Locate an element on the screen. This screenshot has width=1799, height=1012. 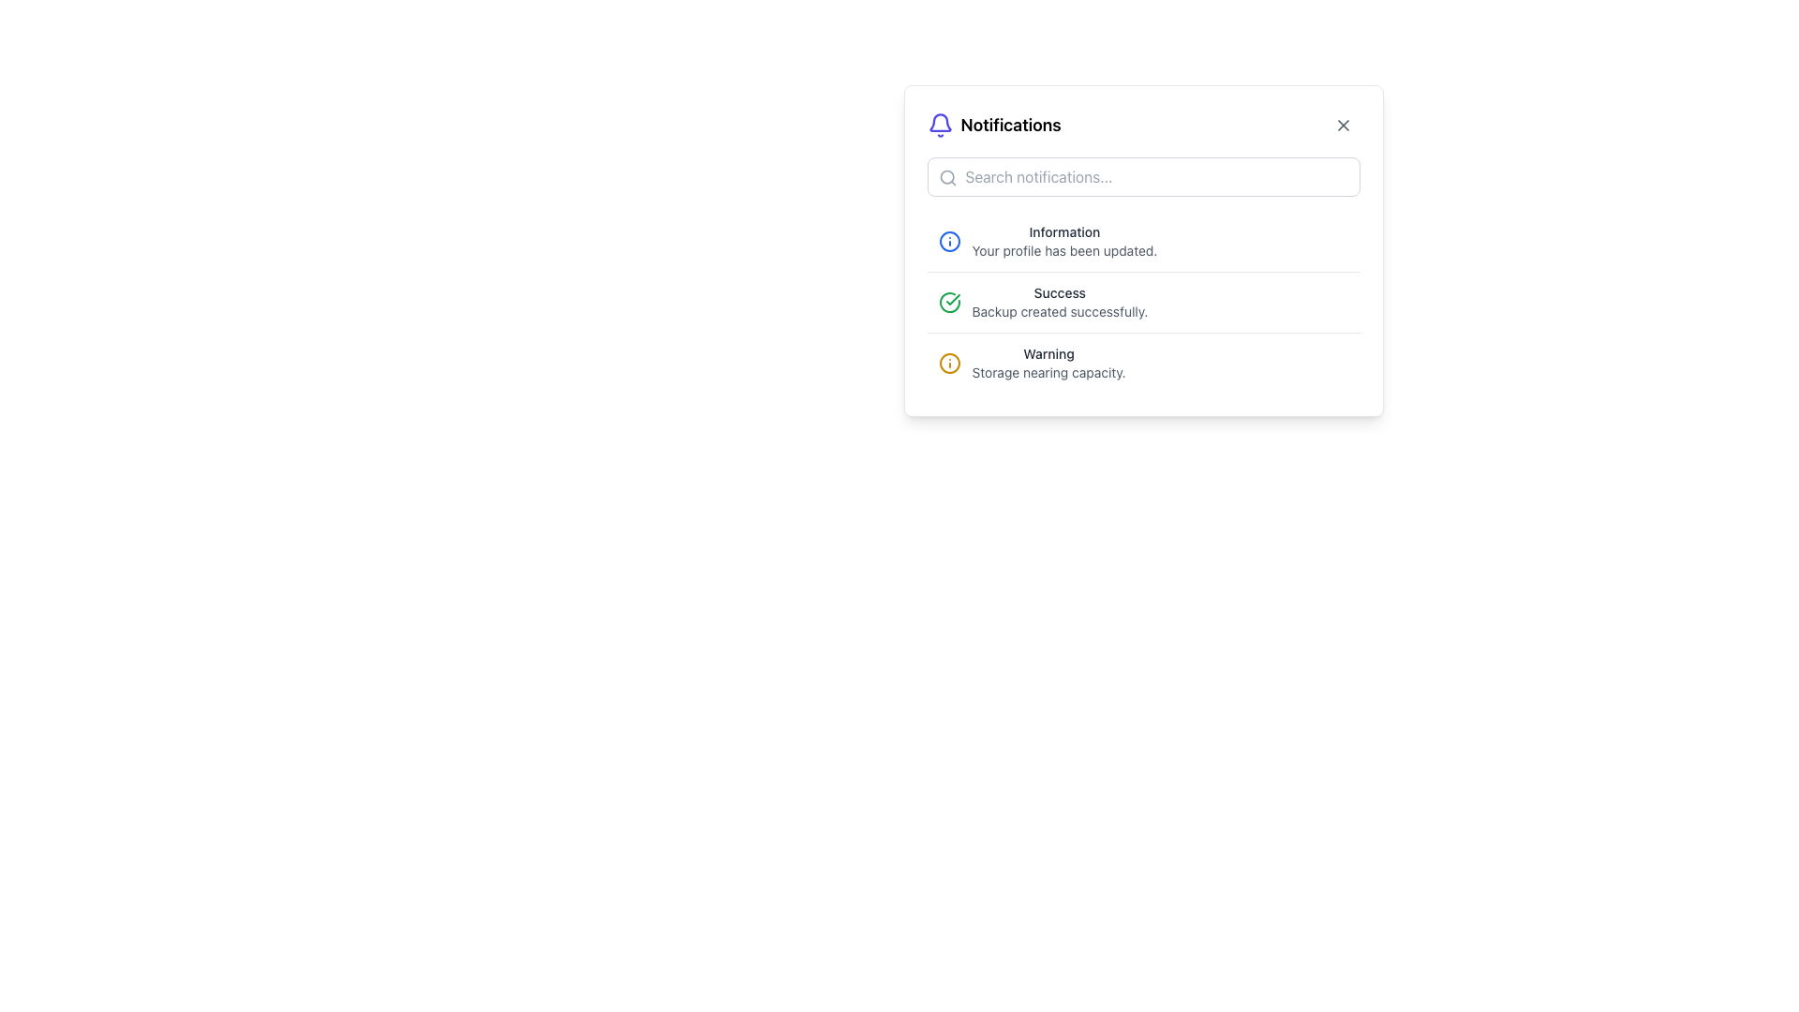
the circular green-bordered icon with a checkmark inside, located in the 'Success Backup created successfully' notification is located at coordinates (949, 302).